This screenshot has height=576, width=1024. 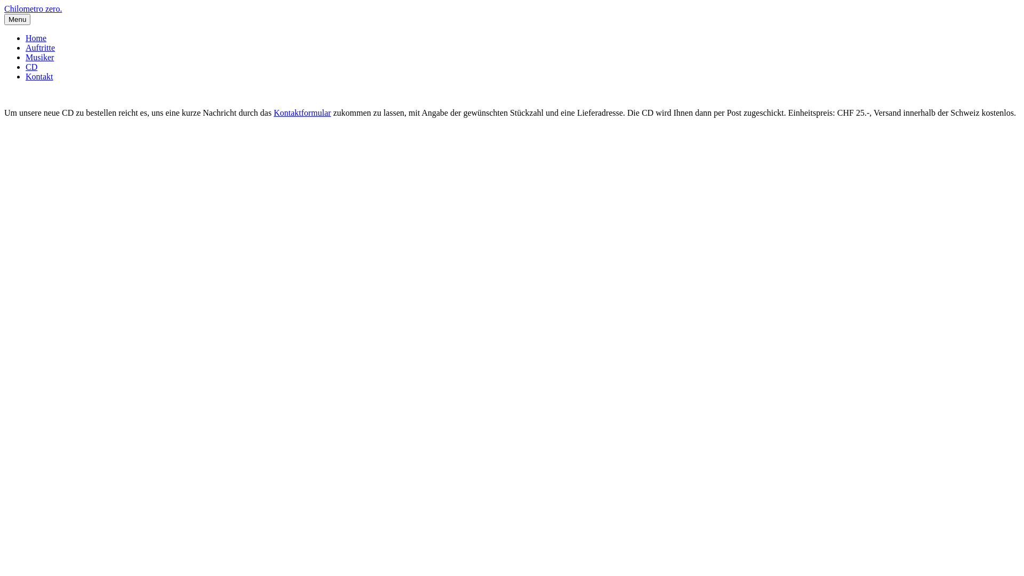 I want to click on 'Menu', so click(x=17, y=19).